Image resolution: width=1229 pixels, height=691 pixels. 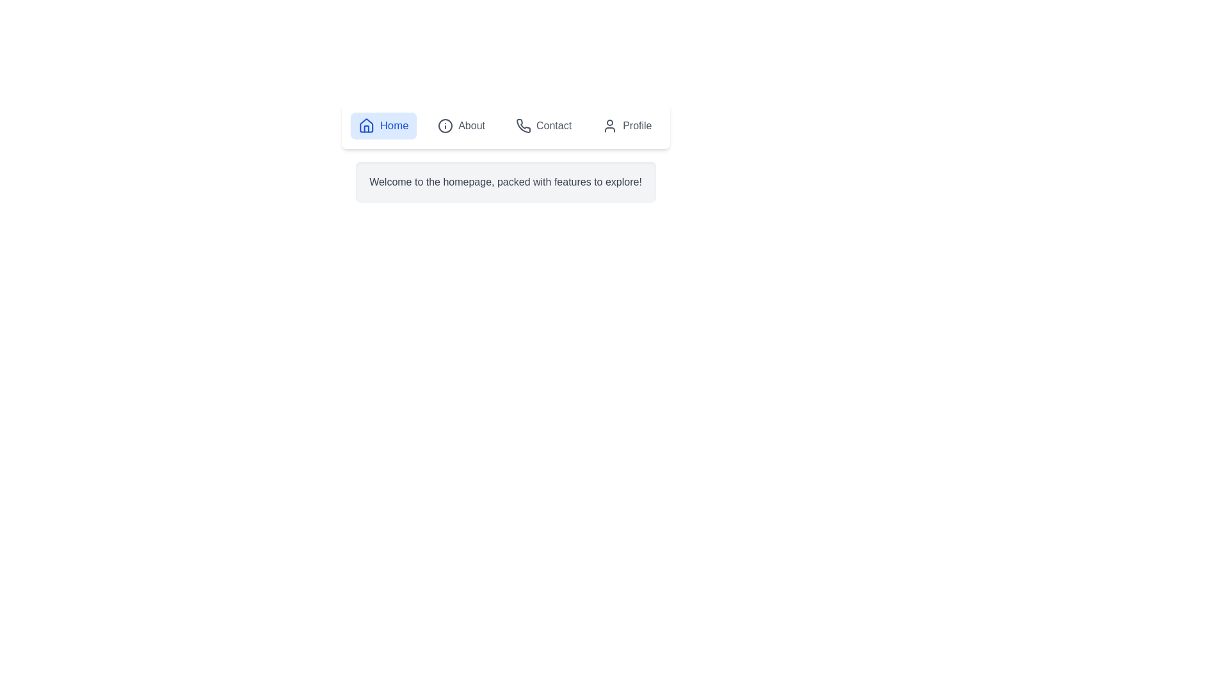 I want to click on the Home tab by clicking its button, so click(x=382, y=125).